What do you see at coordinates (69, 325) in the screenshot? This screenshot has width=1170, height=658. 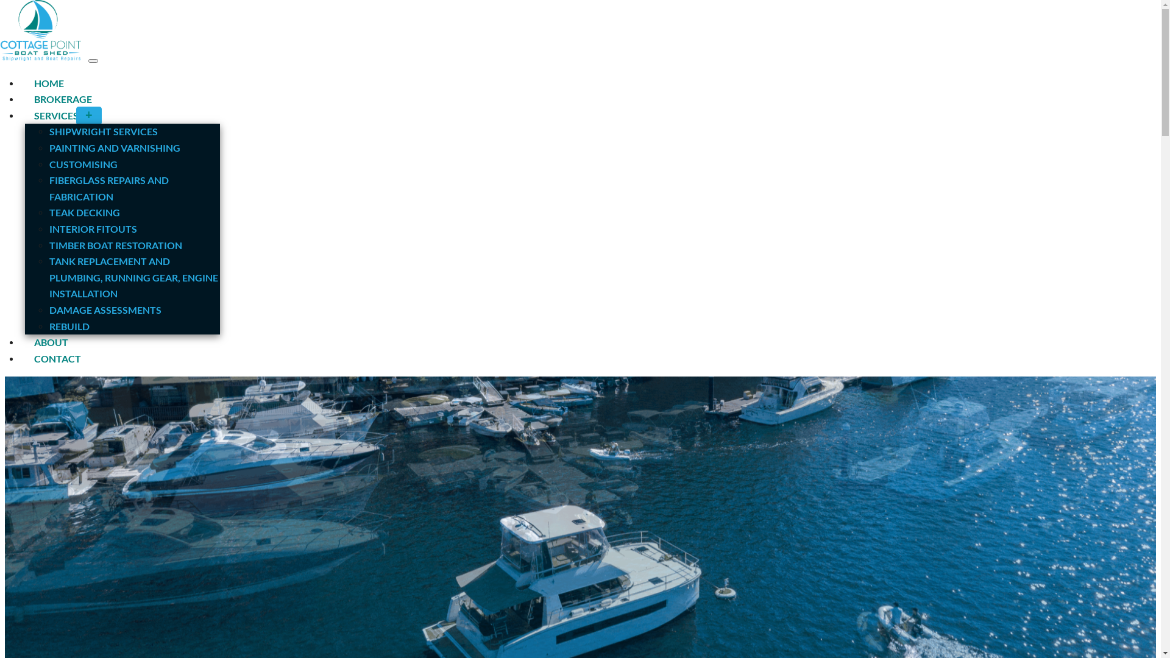 I see `'REBUILD'` at bounding box center [69, 325].